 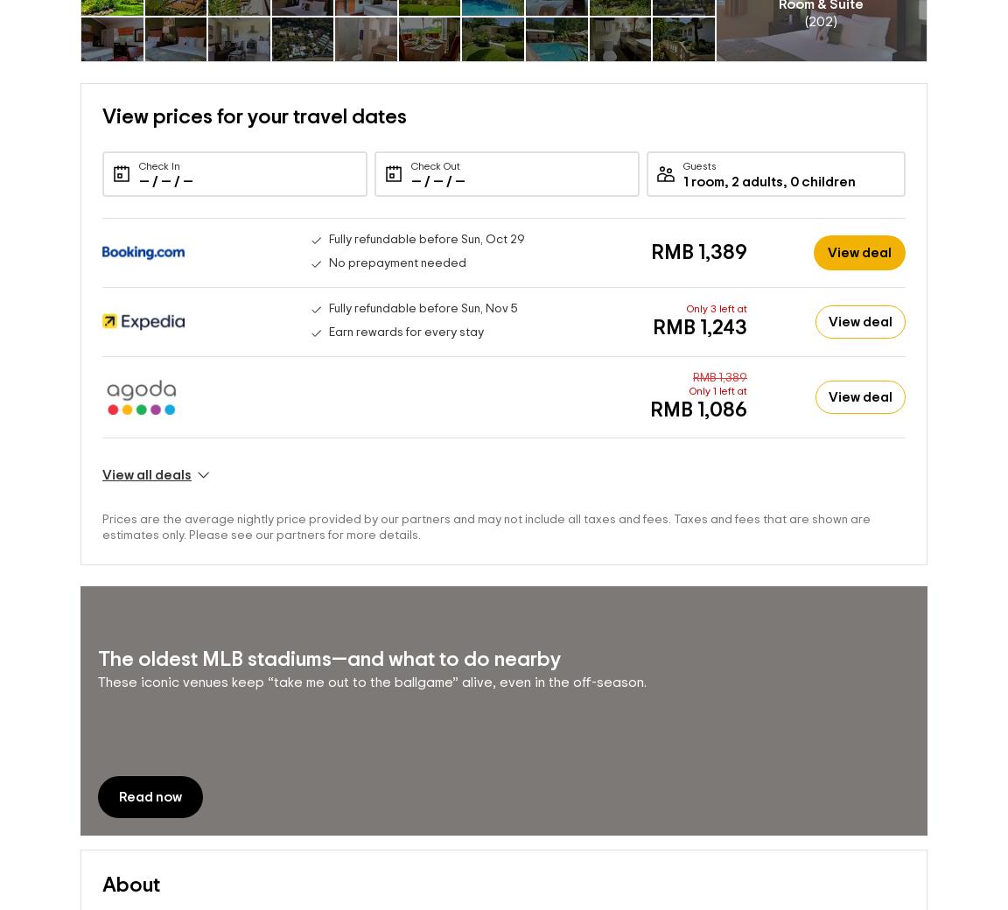 I want to click on 'Prices are the average nightly price provided by our partners and may not include all taxes and fees. Taxes and fees that are shown are estimates only. Please see our partners for more details.', so click(x=101, y=526).